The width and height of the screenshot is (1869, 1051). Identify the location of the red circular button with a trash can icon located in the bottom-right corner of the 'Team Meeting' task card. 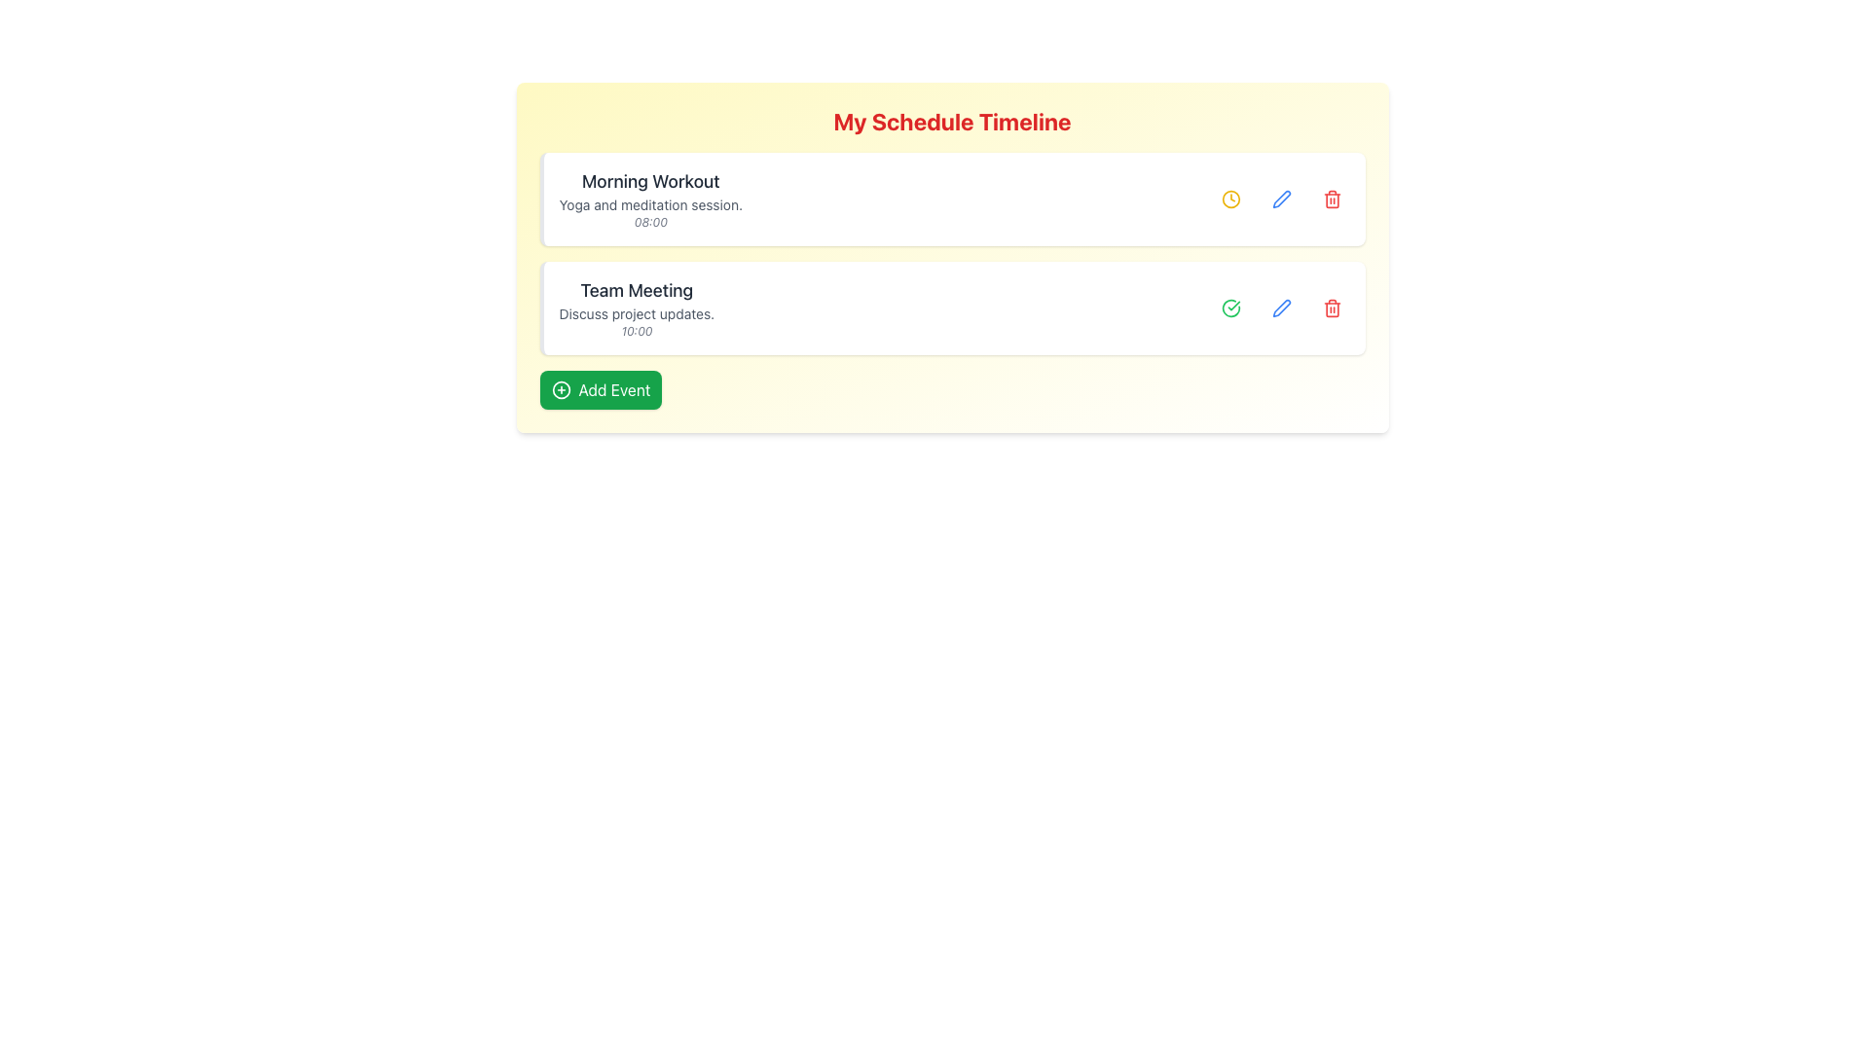
(1331, 307).